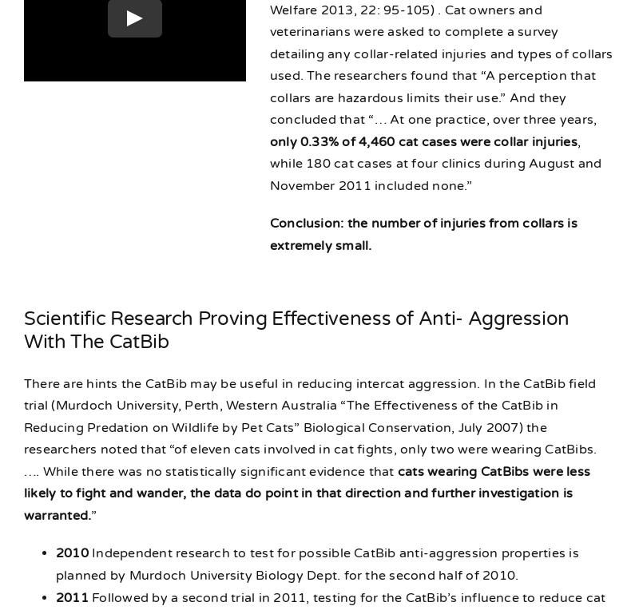 Image resolution: width=639 pixels, height=614 pixels. What do you see at coordinates (309, 426) in the screenshot?
I see `'There are hints the CatBib may be useful in reducing intercat aggression. In the CatBib field trial (Murdoch University, Perth, Western Australia “The Effectiveness of the CatBib in Reducing Predation on Wildlife by Pet Cats” Biological Conservation, July 2007) the researchers noted that “of eleven cats involved in cat fights, only two were wearing CatBibs. …. While there was no statistically significant evidence that'` at bounding box center [309, 426].